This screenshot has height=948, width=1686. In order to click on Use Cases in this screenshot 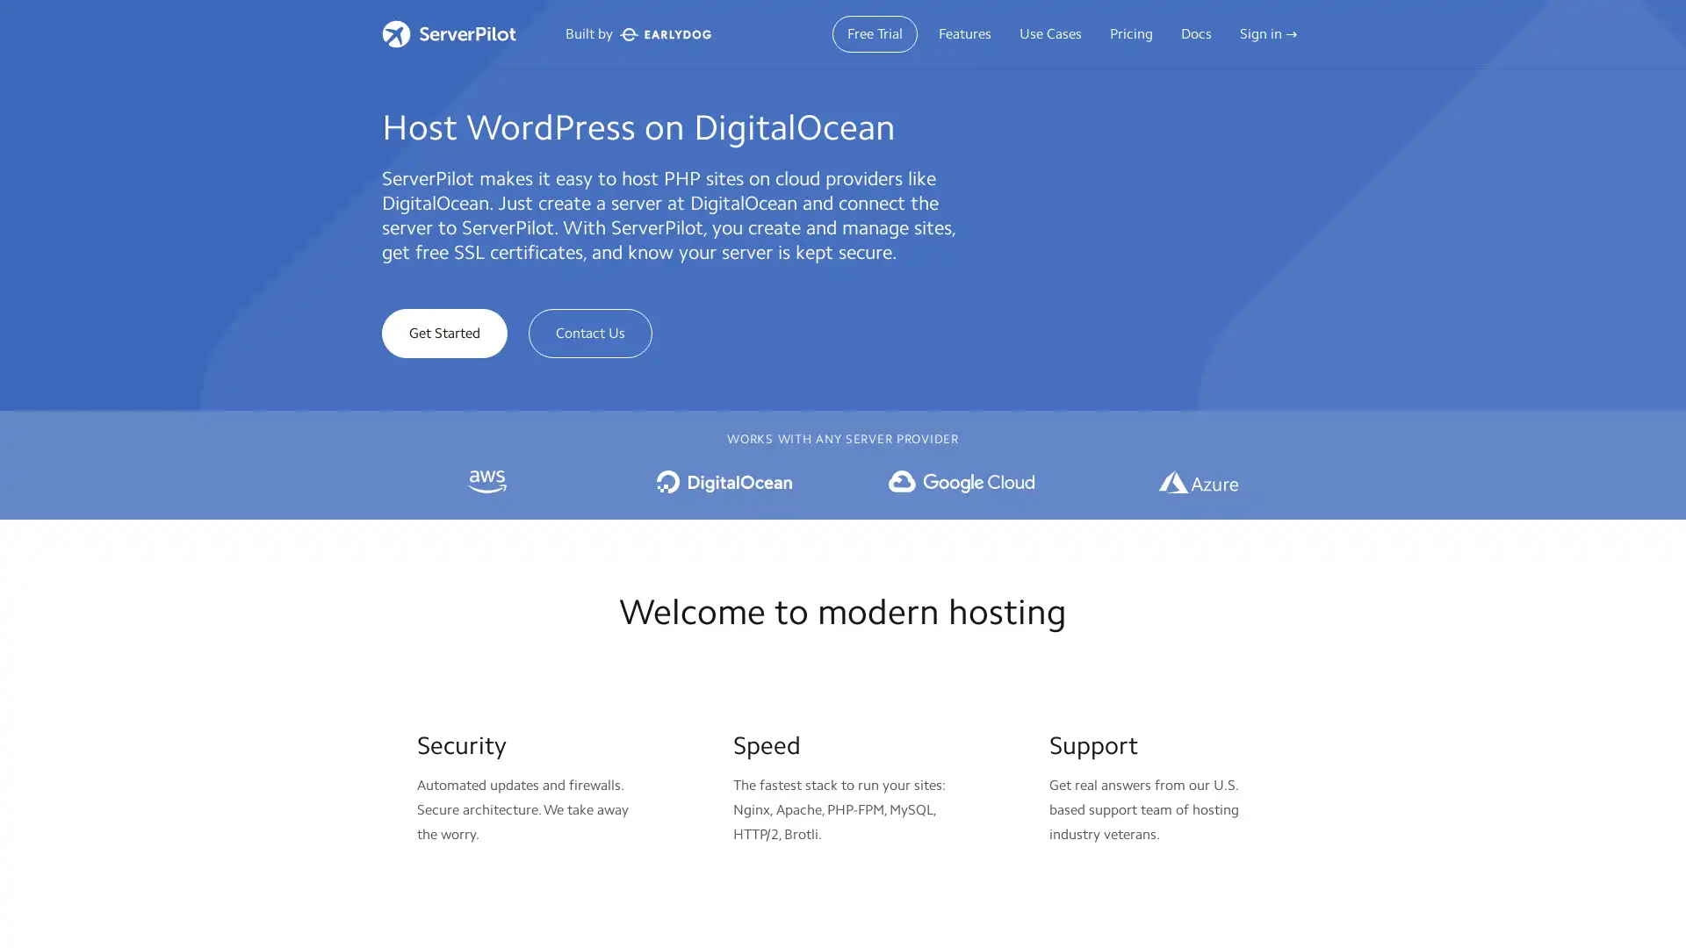, I will do `click(1050, 33)`.